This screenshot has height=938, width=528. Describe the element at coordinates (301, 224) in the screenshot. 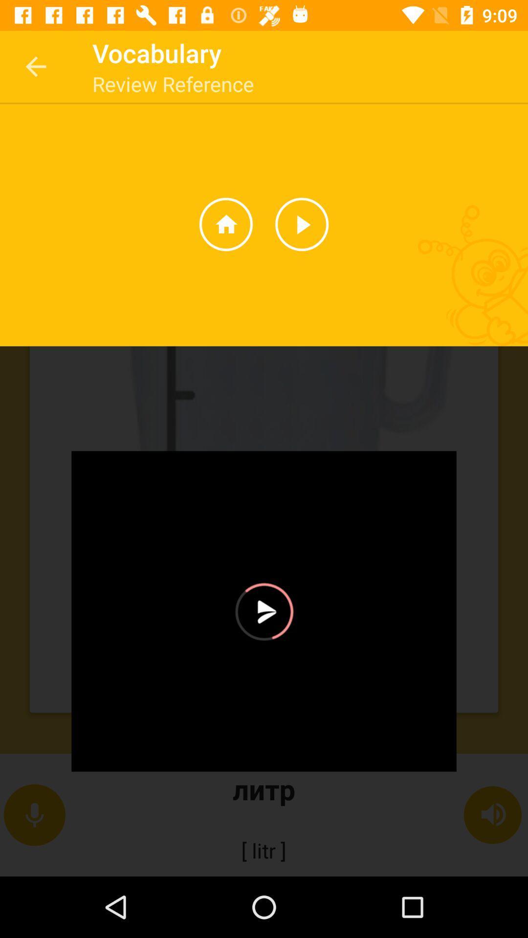

I see `the second icon which is under the text review references` at that location.